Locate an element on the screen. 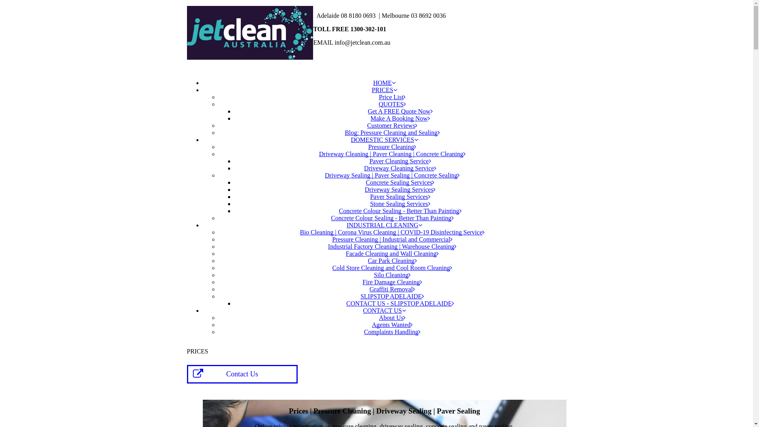  'INDUSTRIAL CLEANING' is located at coordinates (347, 225).